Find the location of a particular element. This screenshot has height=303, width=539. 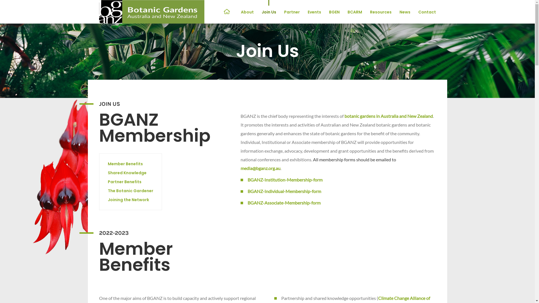

'Home' is located at coordinates (220, 12).